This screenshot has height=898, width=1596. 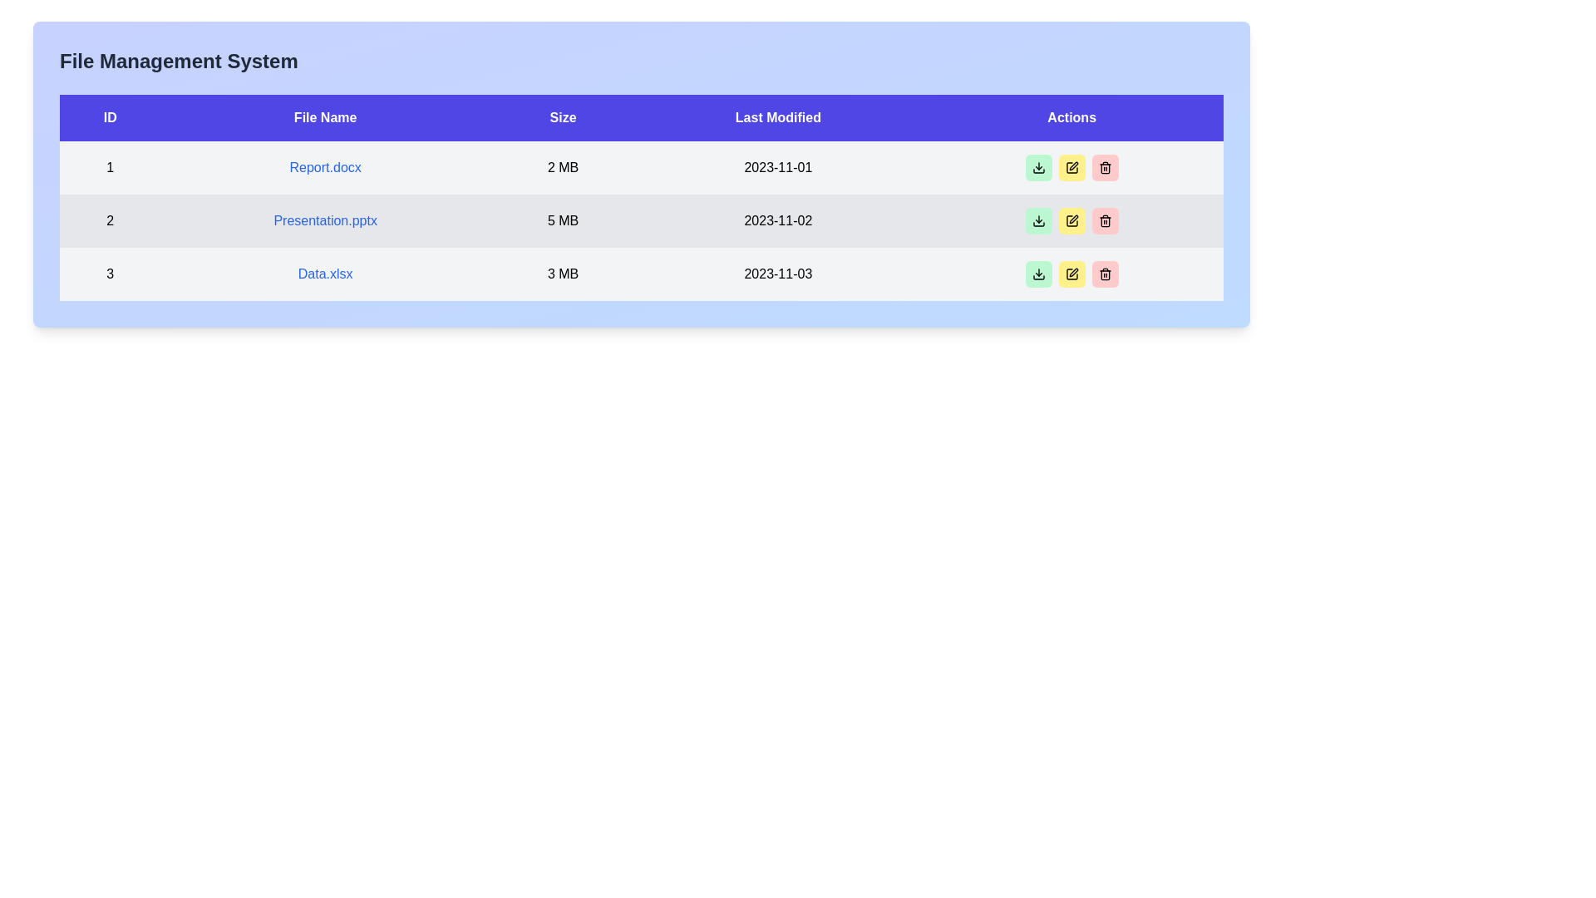 What do you see at coordinates (1105, 220) in the screenshot?
I see `the red delete button with a trash bin icon located in the 'Actions' column of the second row` at bounding box center [1105, 220].